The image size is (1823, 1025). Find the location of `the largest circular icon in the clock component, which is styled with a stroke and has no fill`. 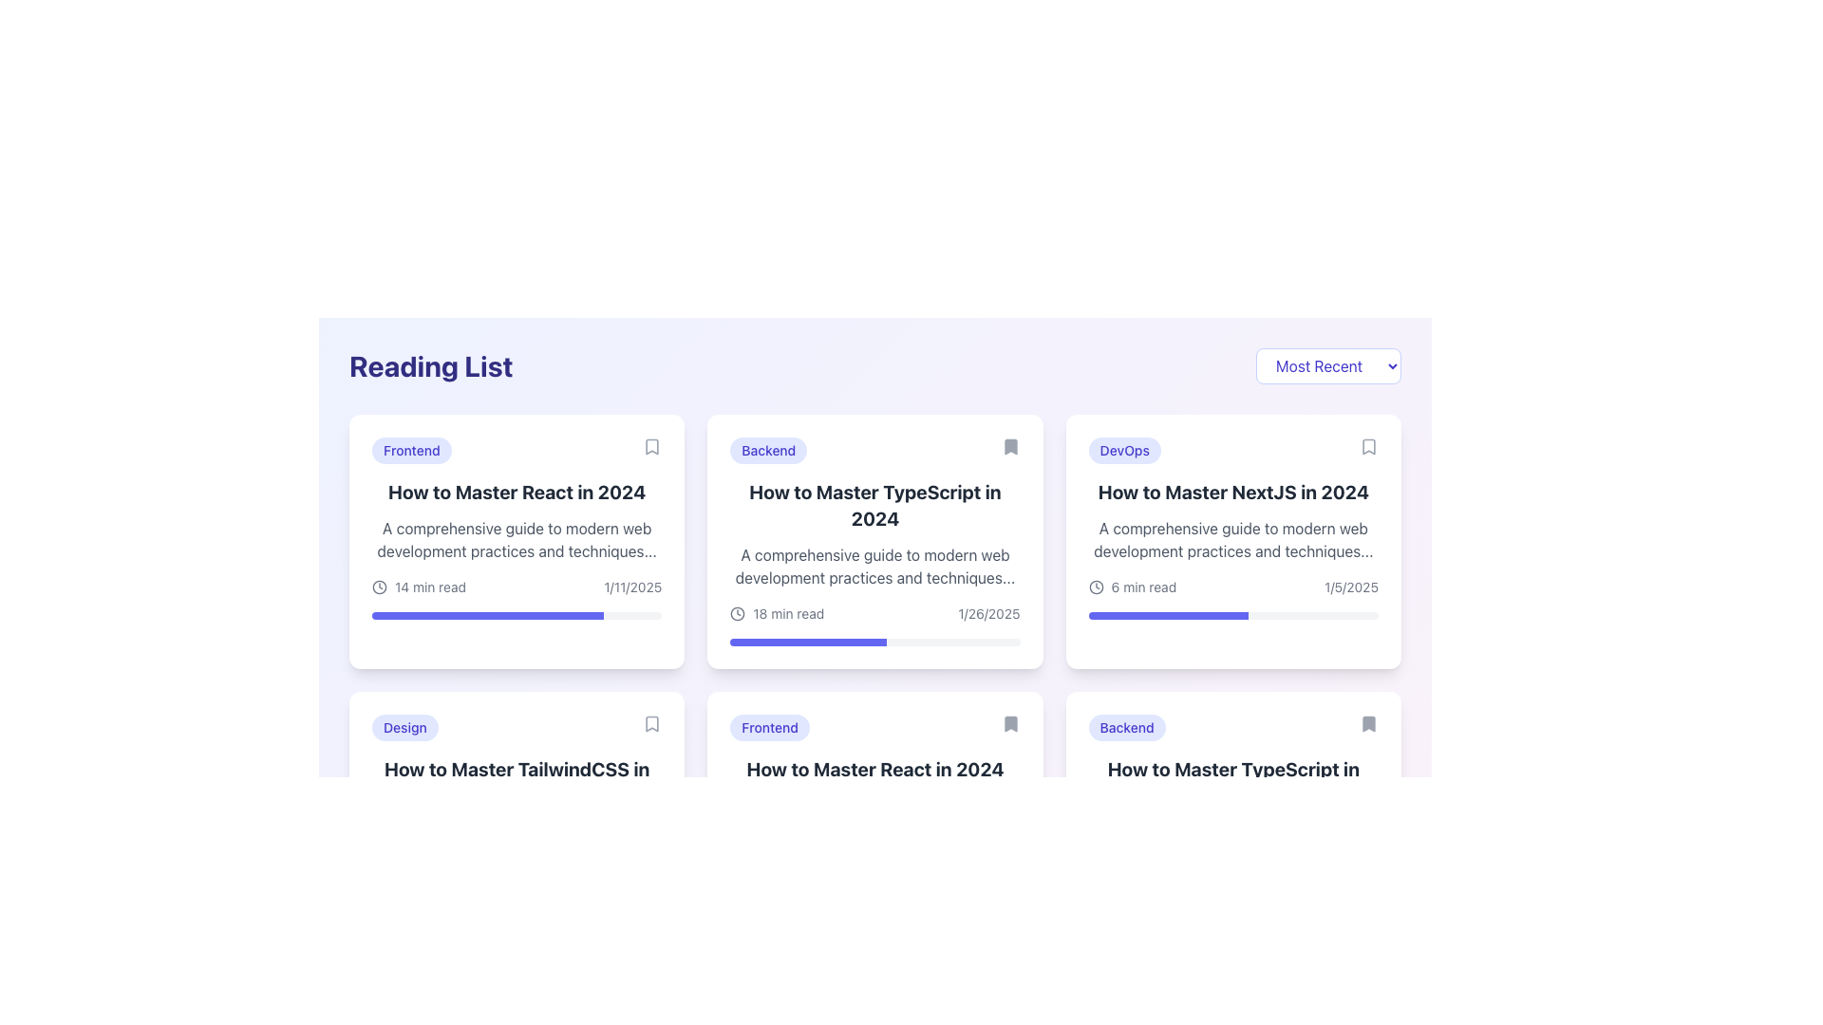

the largest circular icon in the clock component, which is styled with a stroke and has no fill is located at coordinates (379, 586).